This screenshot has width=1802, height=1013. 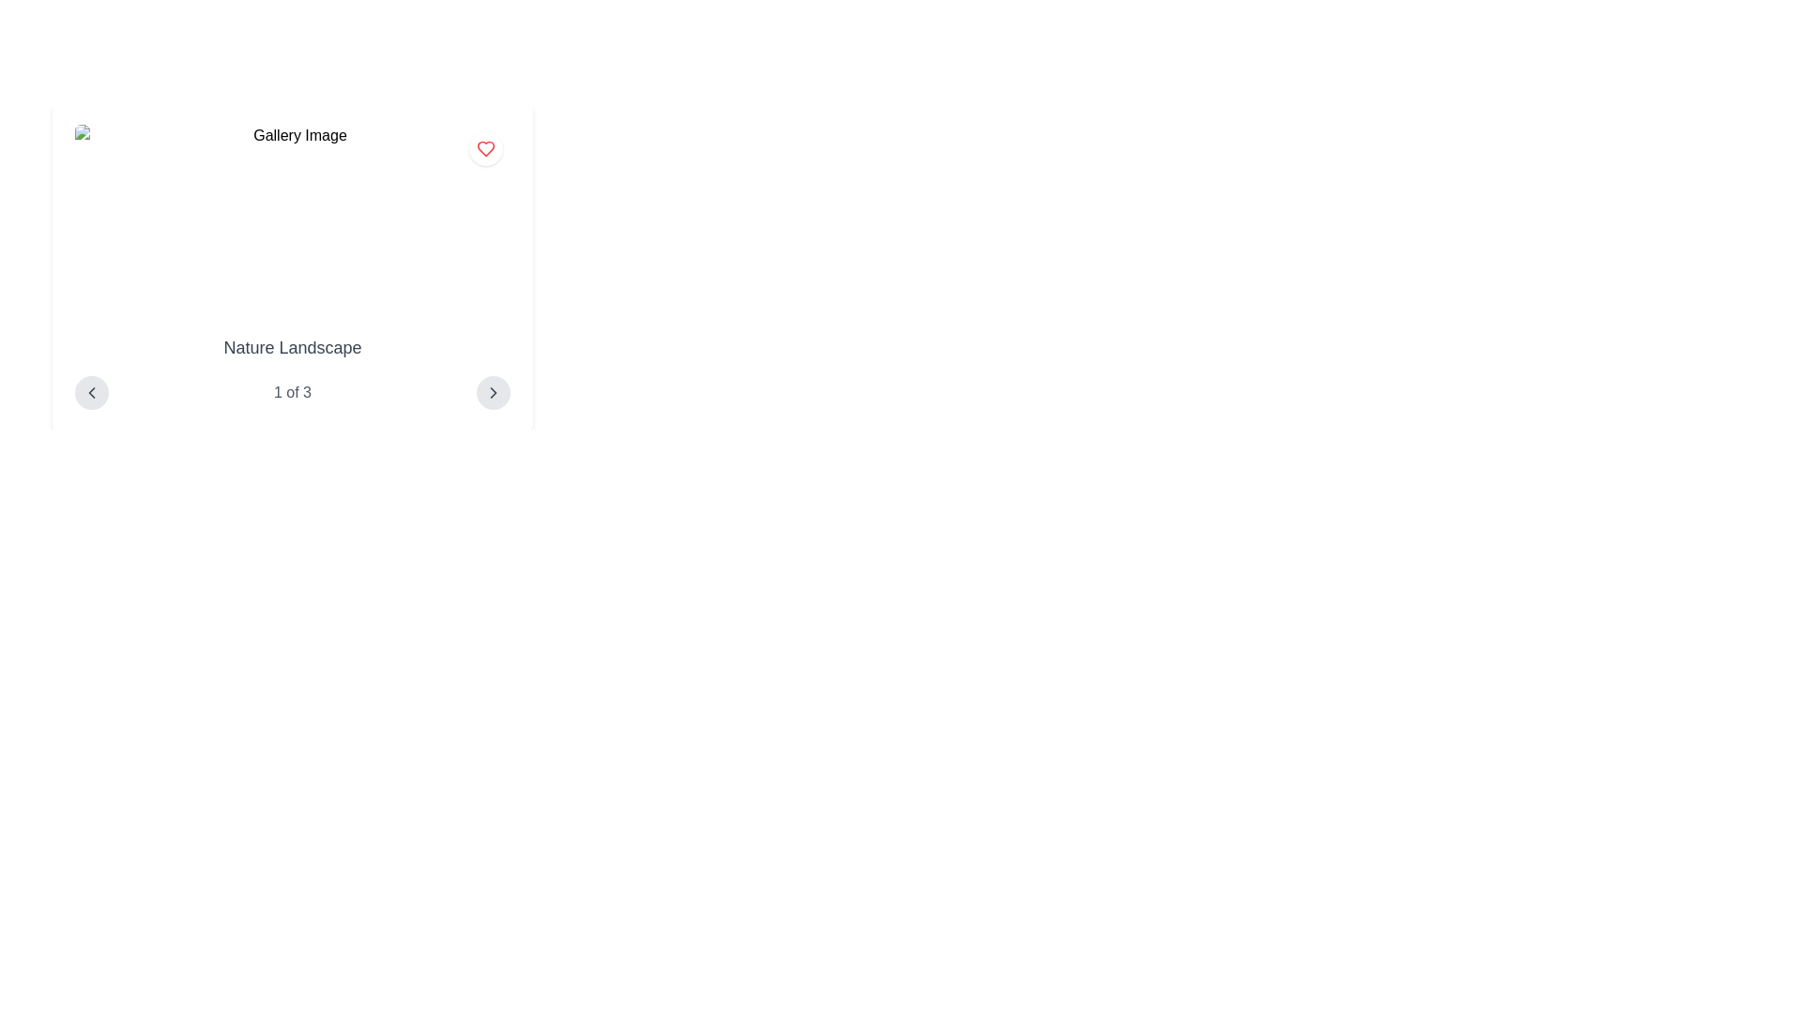 What do you see at coordinates (493, 392) in the screenshot?
I see `the second navigation button located in the lower right corner of the gallery card` at bounding box center [493, 392].